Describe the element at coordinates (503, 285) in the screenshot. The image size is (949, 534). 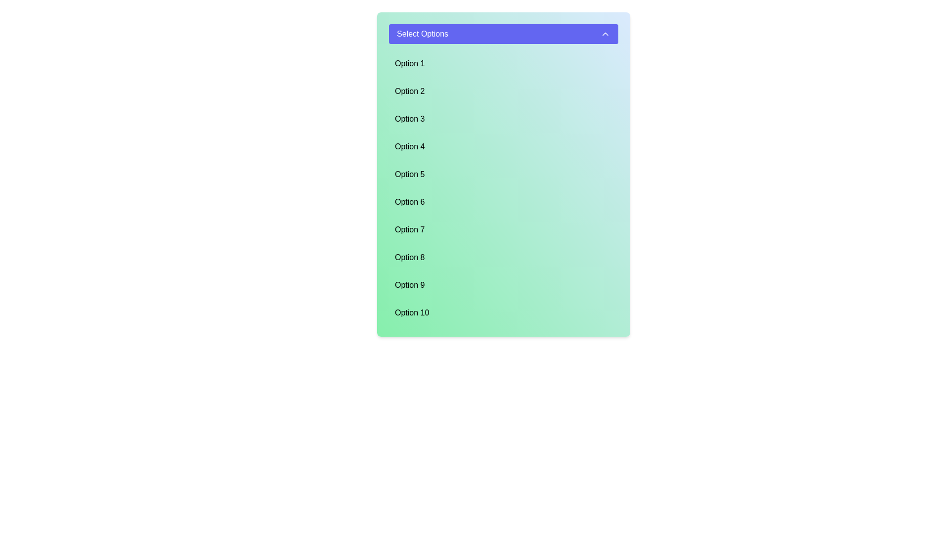
I see `the selectable list item labeled 'Option 9'` at that location.